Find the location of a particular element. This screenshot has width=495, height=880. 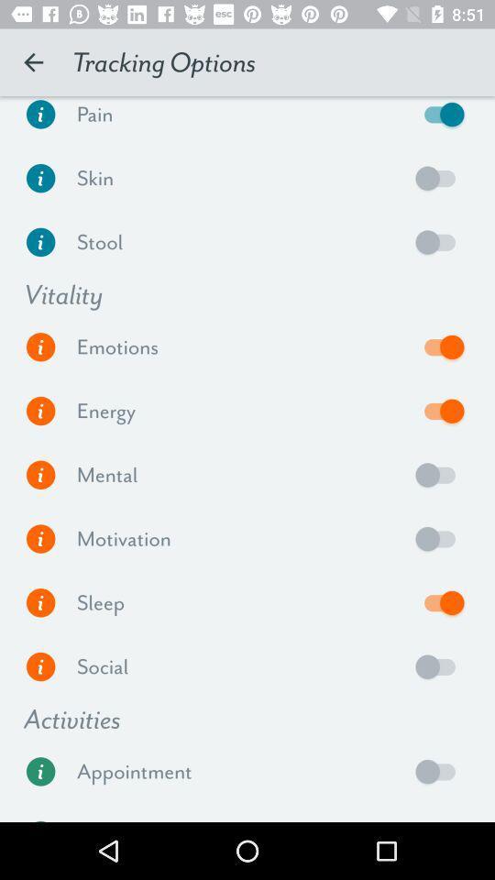

get more information is located at coordinates (40, 411).